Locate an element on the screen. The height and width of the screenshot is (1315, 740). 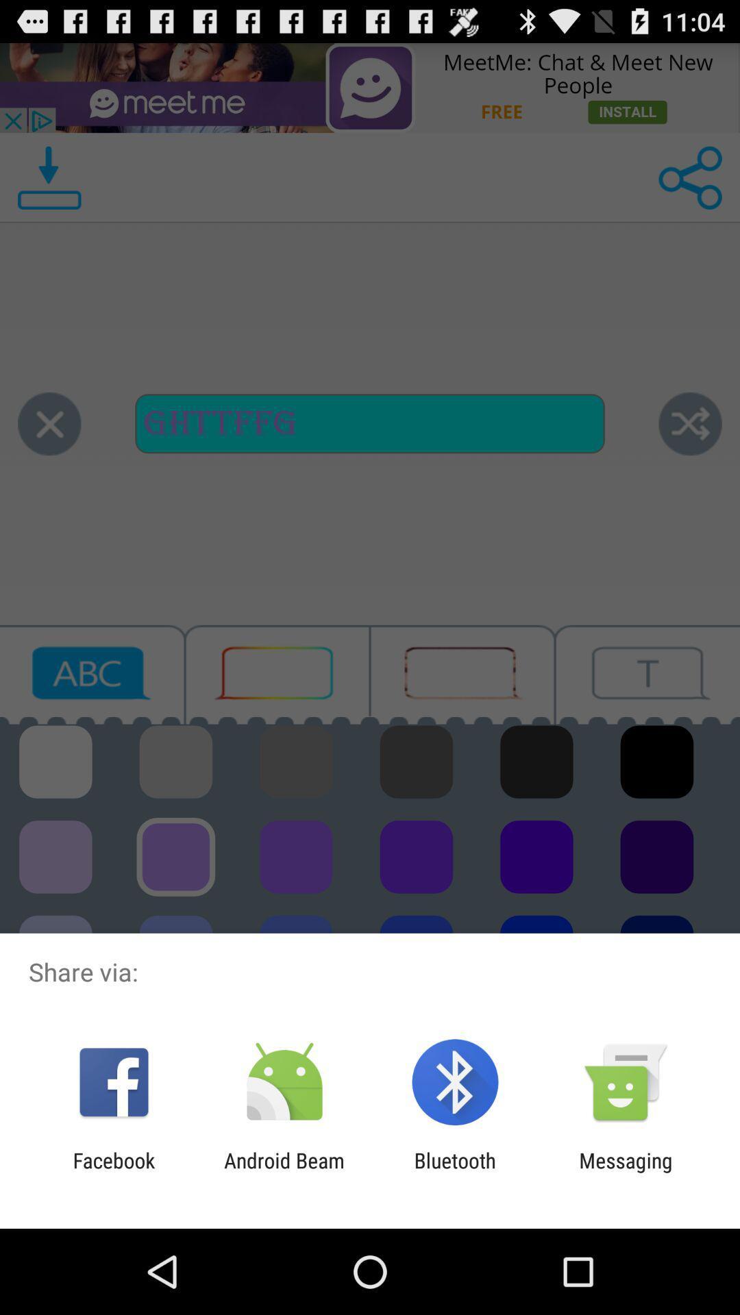
the app next to android beam is located at coordinates (113, 1172).